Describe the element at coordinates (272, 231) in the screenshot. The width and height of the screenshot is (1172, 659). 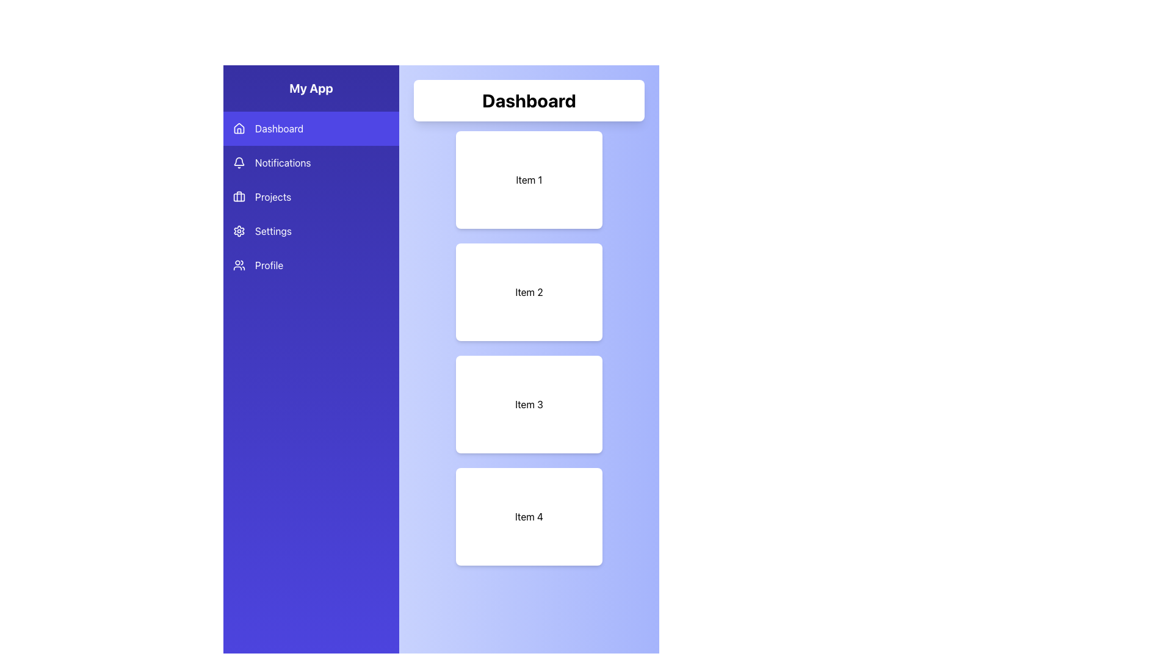
I see `the static text label that serves as a menu label for navigating to the settings section, positioned below 'Projects' and above 'Profile'` at that location.